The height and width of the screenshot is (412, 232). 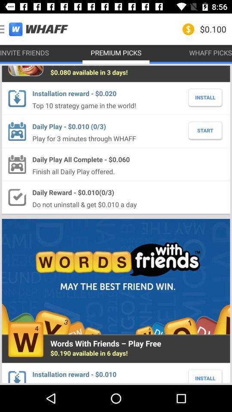 What do you see at coordinates (24, 52) in the screenshot?
I see `invite friends app` at bounding box center [24, 52].